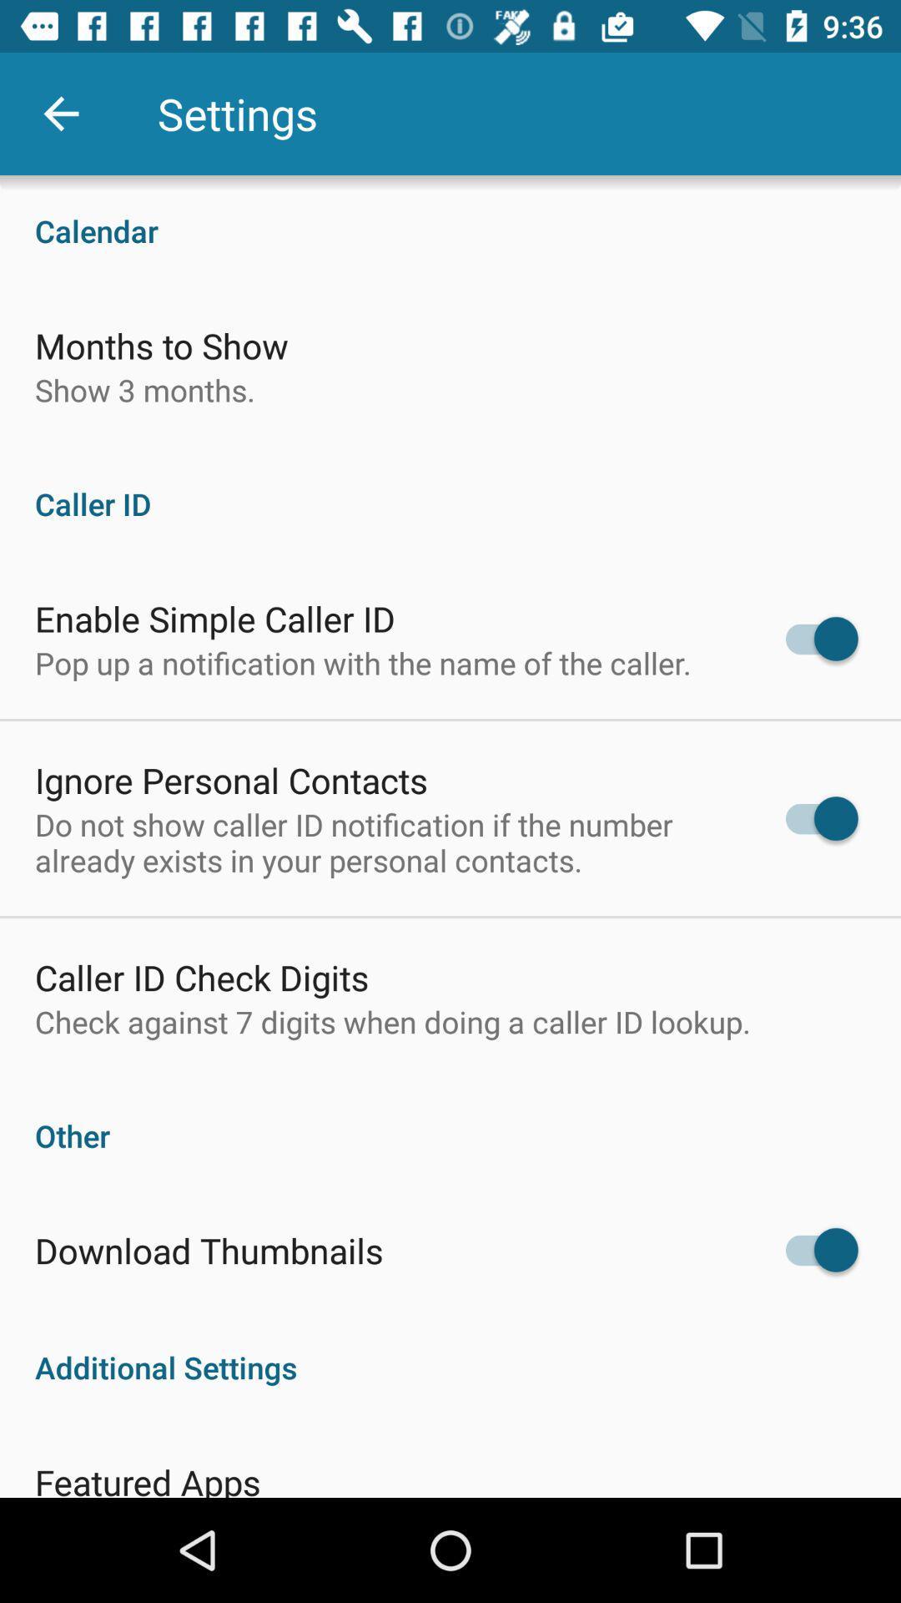  What do you see at coordinates (60, 113) in the screenshot?
I see `icon above the calendar icon` at bounding box center [60, 113].